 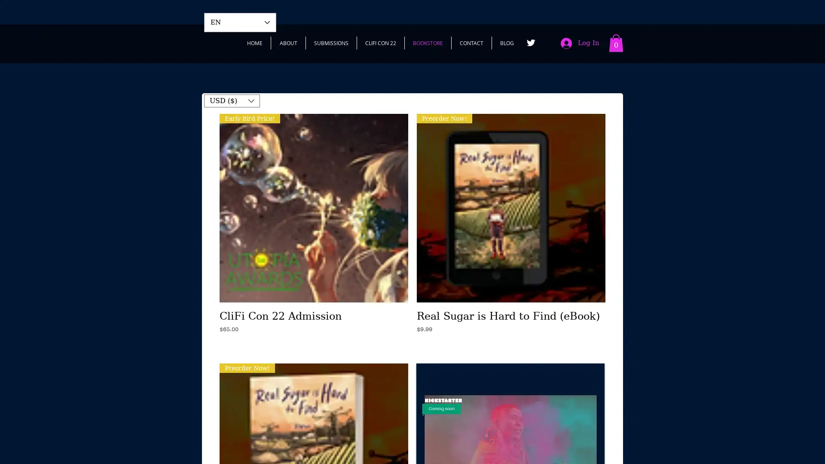 I want to click on Quick View, so click(x=511, y=313).